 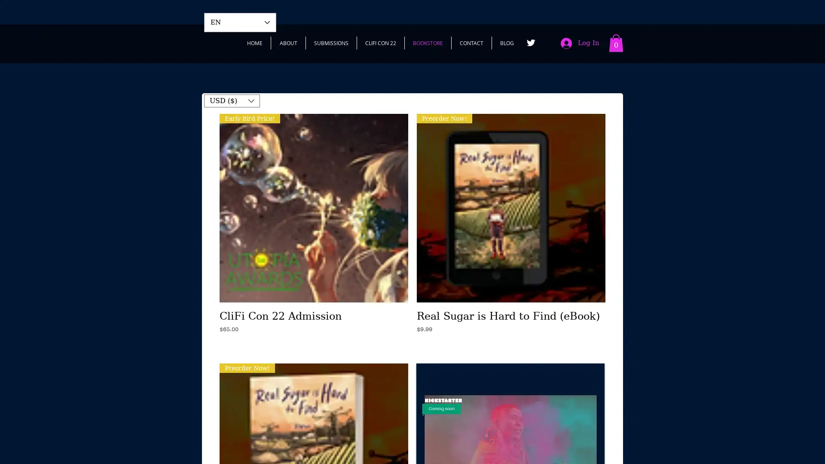 I want to click on Quick View, so click(x=511, y=313).